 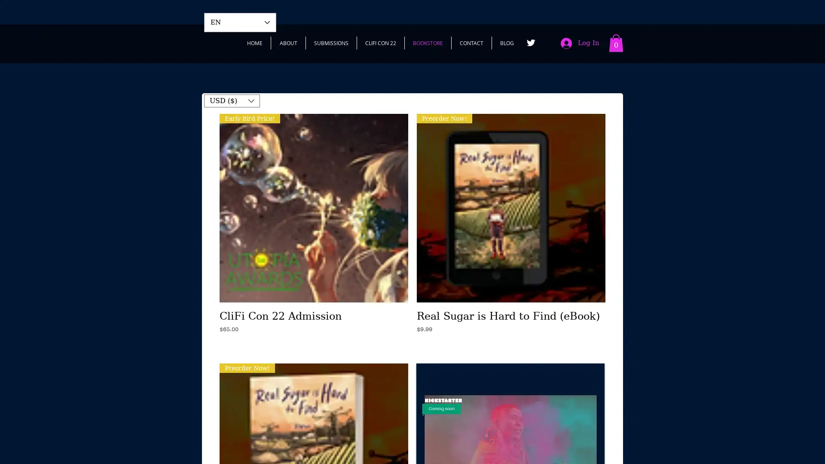 I want to click on Quick View, so click(x=511, y=313).